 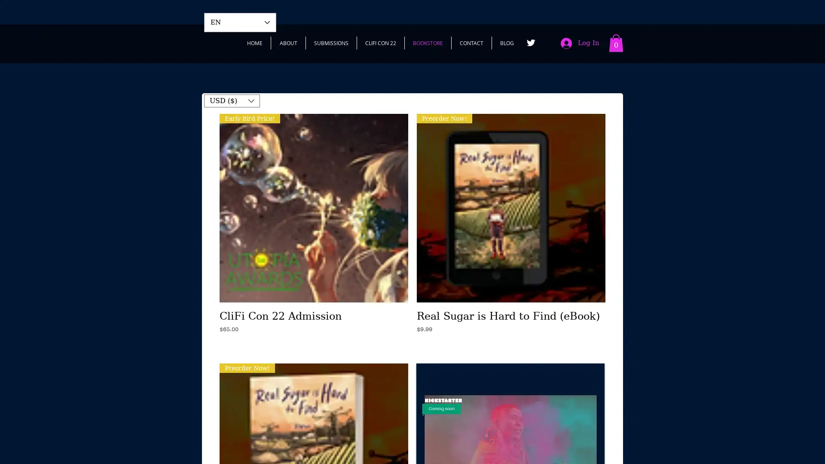 I want to click on Quick View, so click(x=511, y=313).